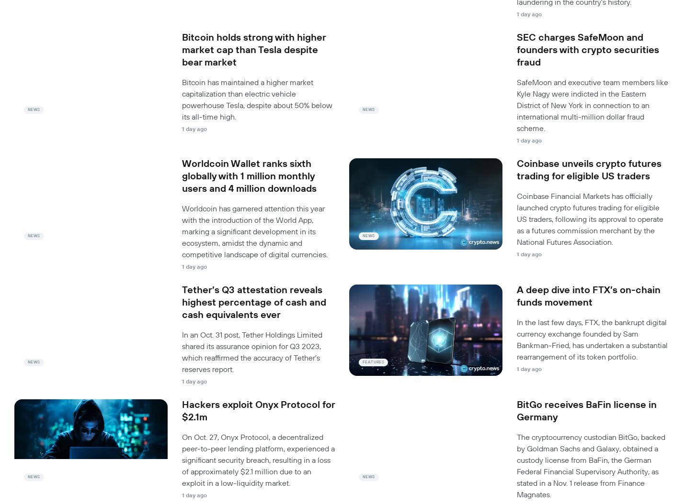 This screenshot has width=684, height=504. What do you see at coordinates (258, 460) in the screenshot?
I see `'On Oct. 27, Onyx Protocol, a decentralized peer-to-peer lending platform, experienced a significant security breach, resulting in a loss of approximately $2.1 million due to an exploit in a low-liquidity market.'` at bounding box center [258, 460].